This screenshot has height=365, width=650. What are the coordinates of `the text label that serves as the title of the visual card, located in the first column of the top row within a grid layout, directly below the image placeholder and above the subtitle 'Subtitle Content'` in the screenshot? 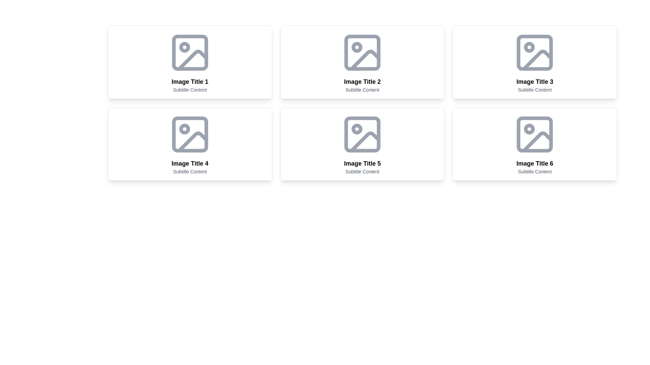 It's located at (190, 81).